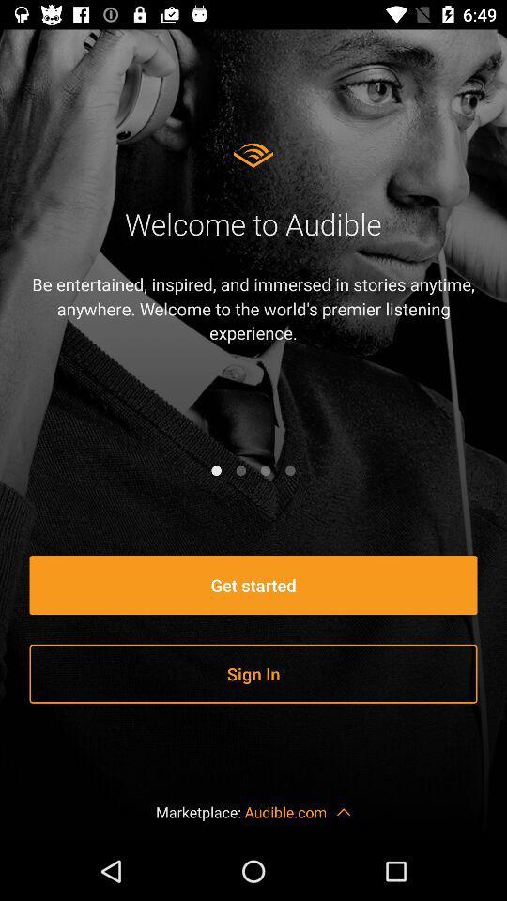 Image resolution: width=507 pixels, height=901 pixels. Describe the element at coordinates (265, 469) in the screenshot. I see `swipe left` at that location.